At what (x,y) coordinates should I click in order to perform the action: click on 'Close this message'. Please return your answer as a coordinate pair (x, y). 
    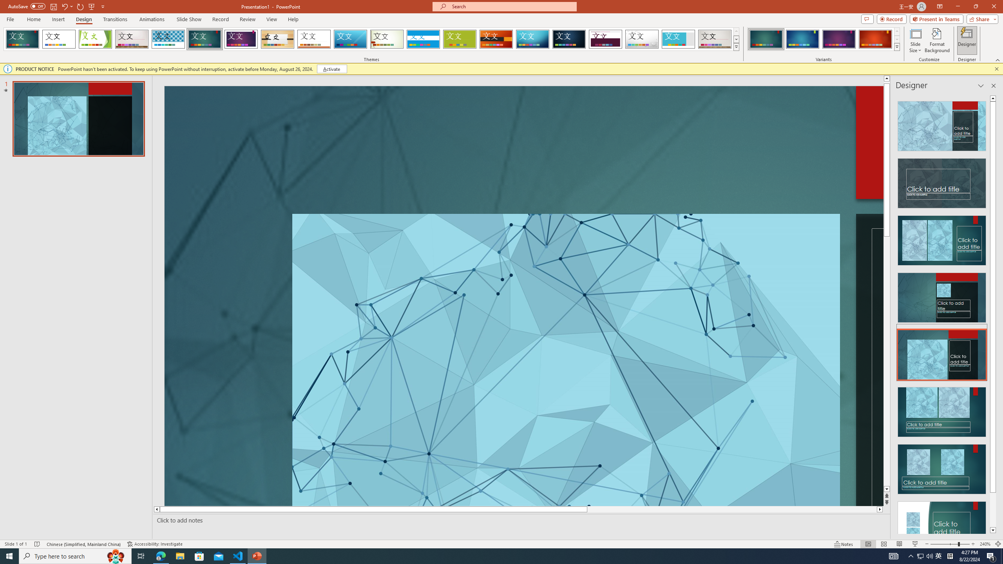
    Looking at the image, I should click on (996, 69).